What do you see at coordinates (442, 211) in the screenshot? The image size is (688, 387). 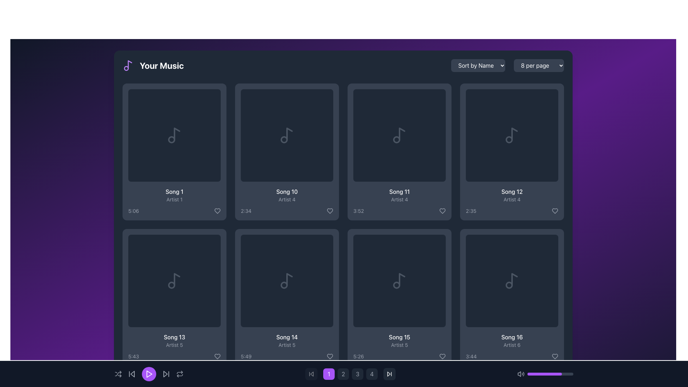 I see `the favorite indicator icon located in the third column of the top-most row beneath the title 'Song 11' to mark it as a favorite` at bounding box center [442, 211].